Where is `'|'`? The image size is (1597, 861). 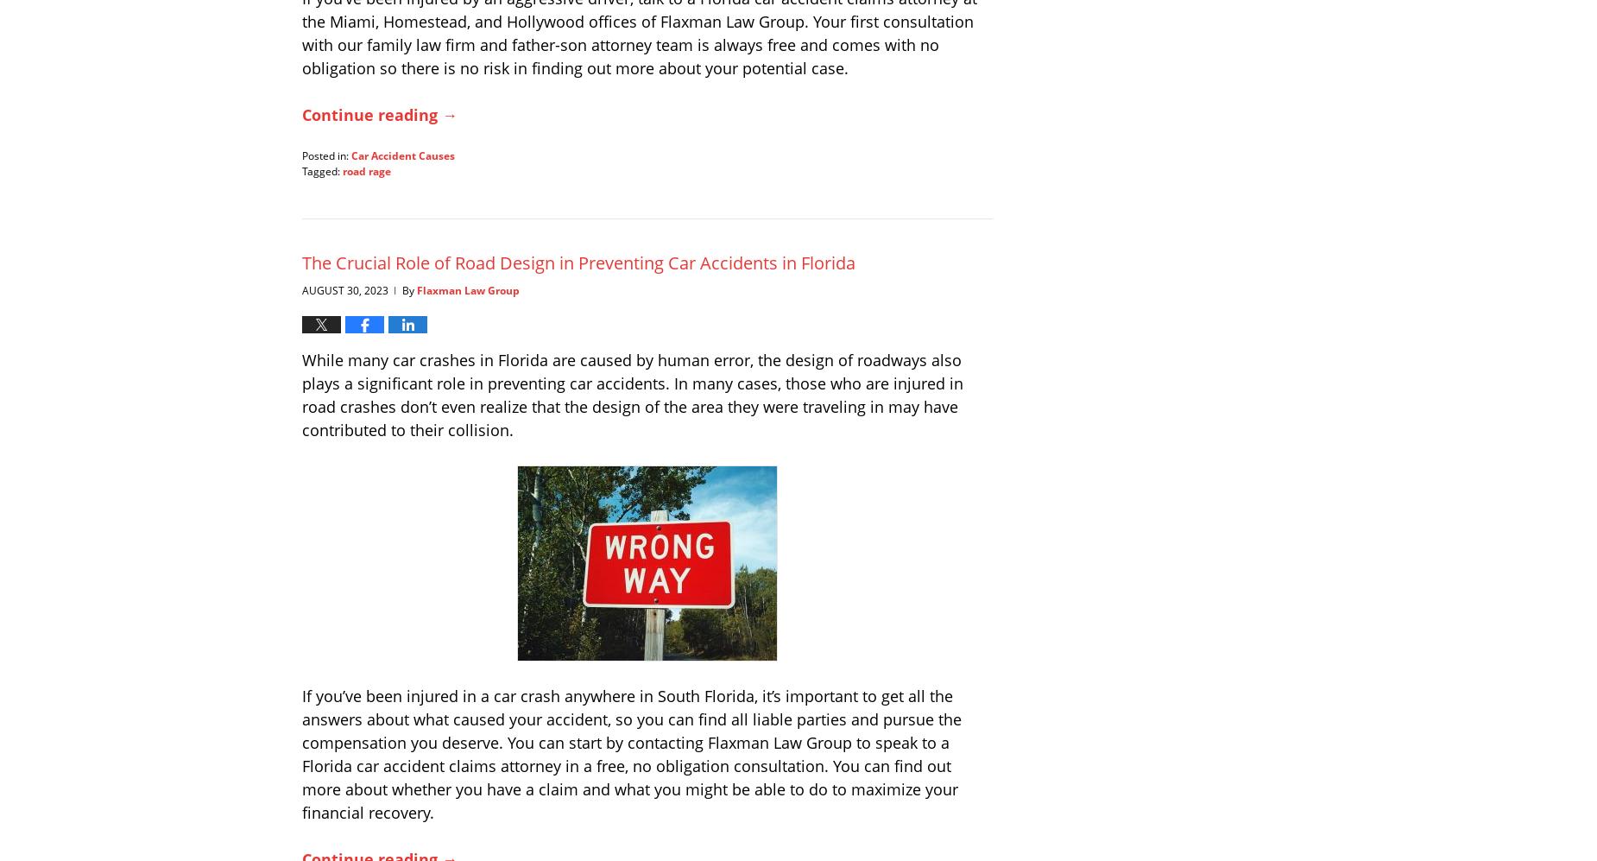
'|' is located at coordinates (395, 288).